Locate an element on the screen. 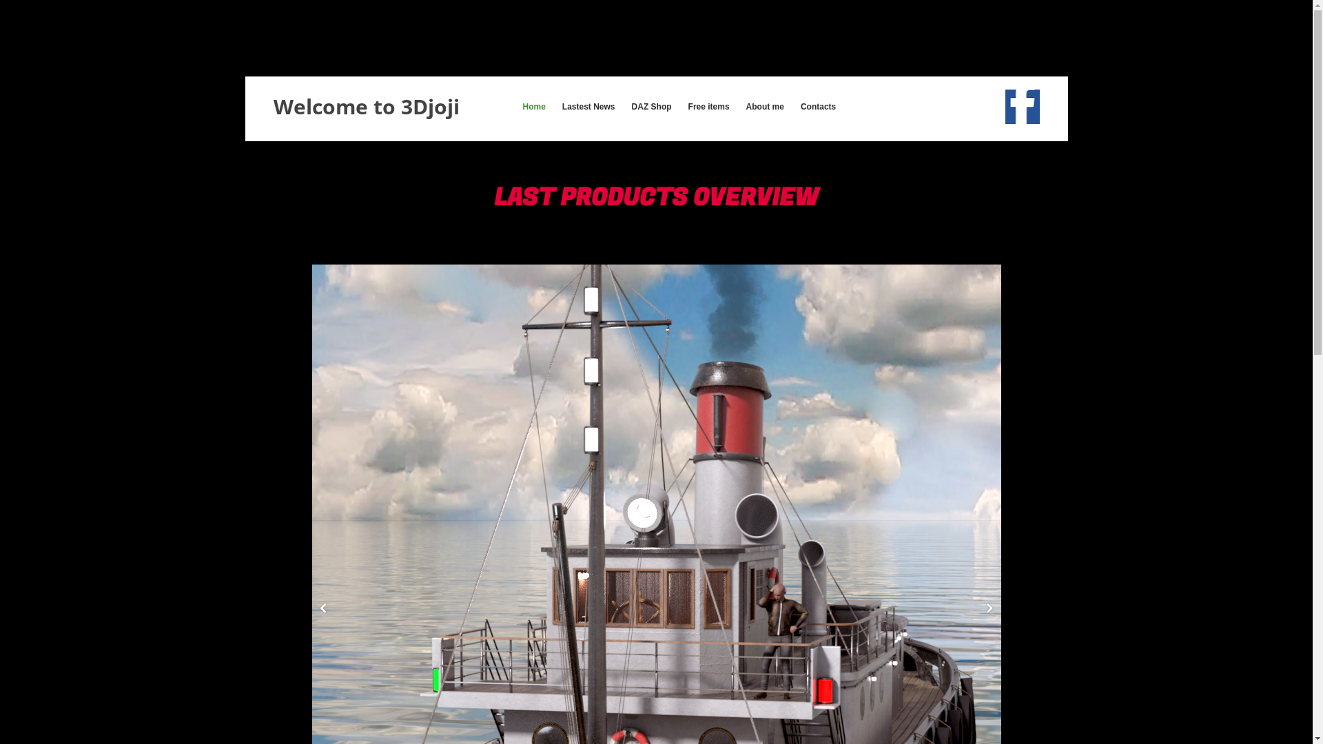  'About me' is located at coordinates (764, 105).